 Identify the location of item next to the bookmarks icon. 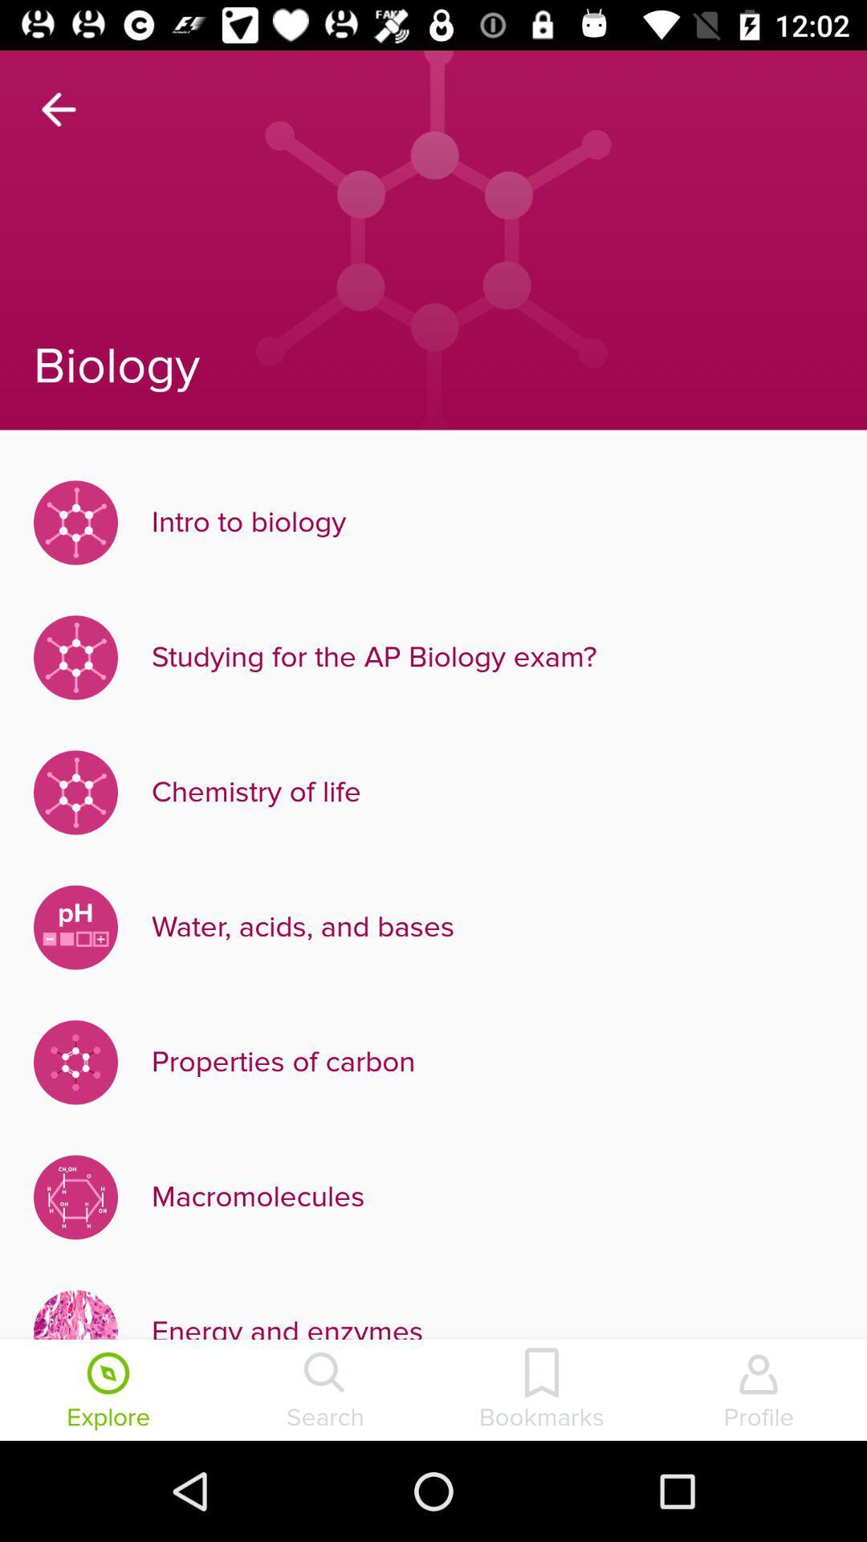
(759, 1391).